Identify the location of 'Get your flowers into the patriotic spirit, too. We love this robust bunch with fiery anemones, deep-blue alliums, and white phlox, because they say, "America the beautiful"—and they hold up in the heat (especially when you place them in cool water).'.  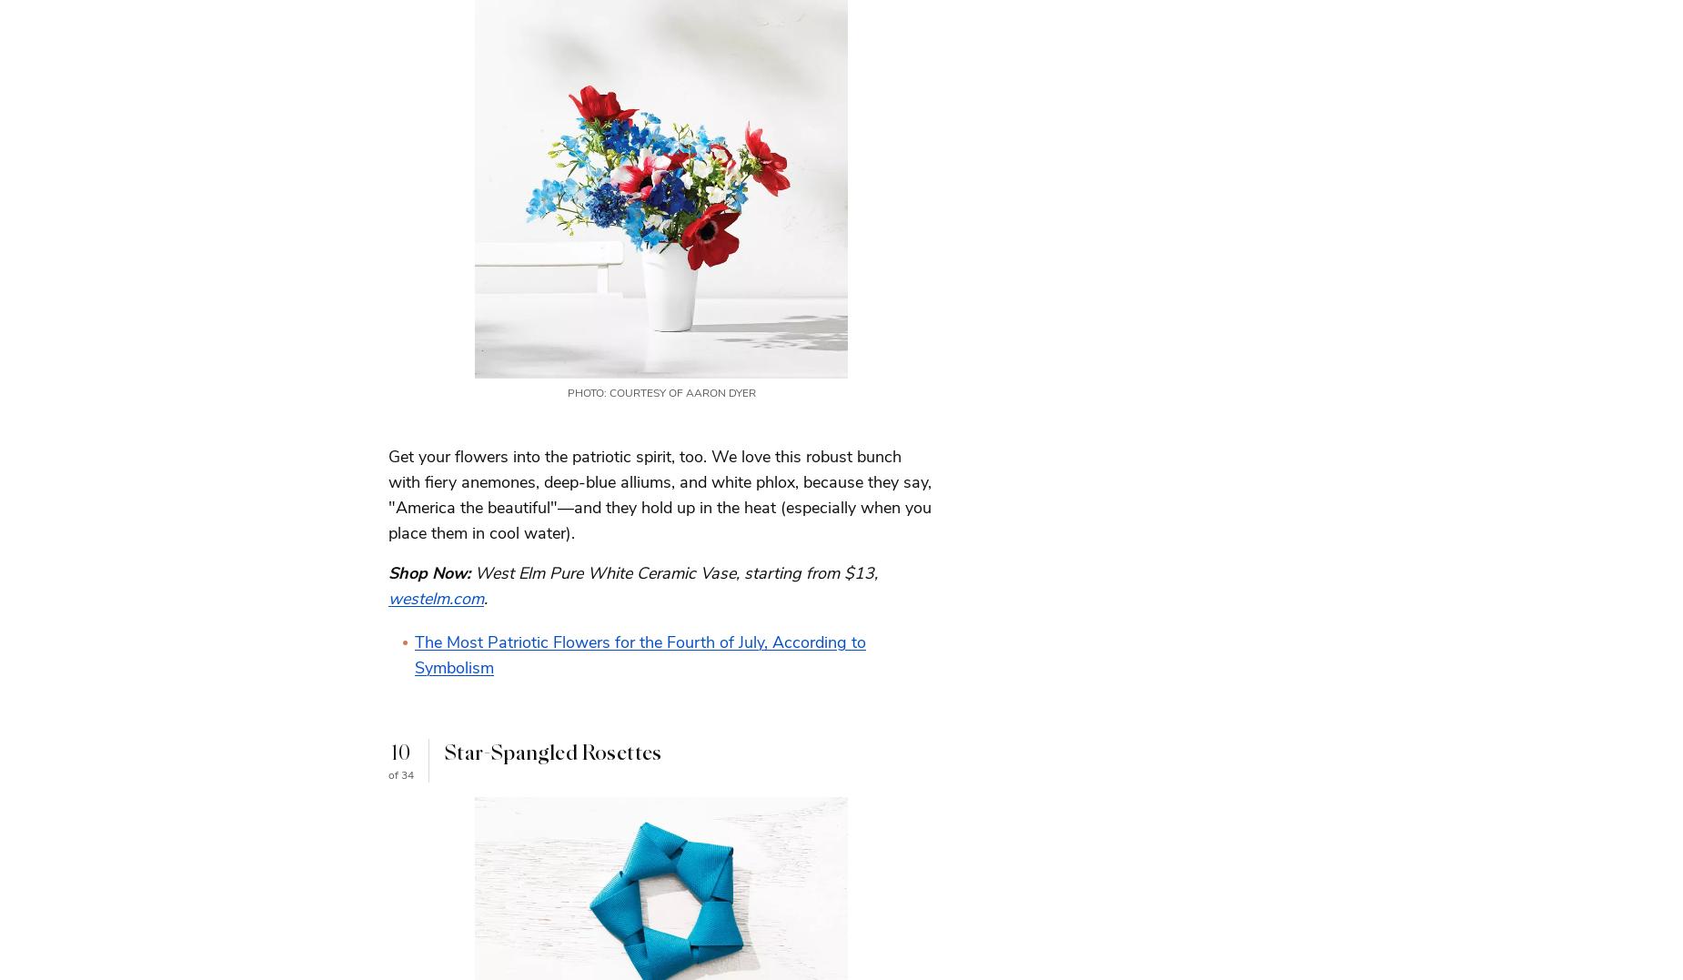
(660, 494).